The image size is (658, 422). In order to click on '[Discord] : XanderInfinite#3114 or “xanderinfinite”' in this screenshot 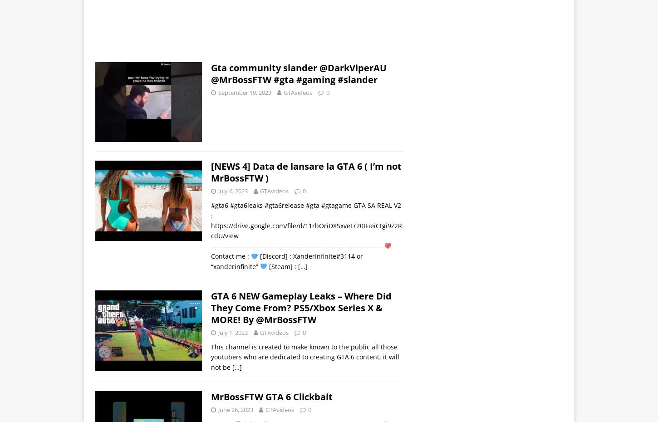, I will do `click(286, 261)`.